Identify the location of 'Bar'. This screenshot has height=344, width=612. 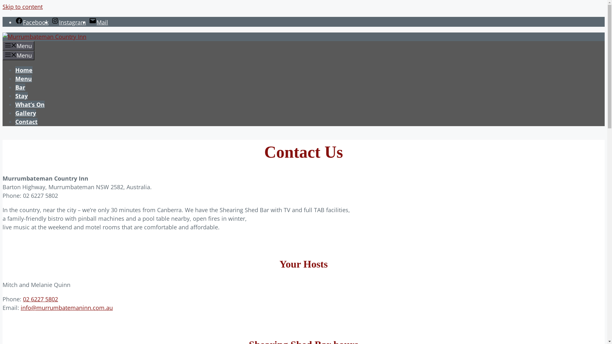
(20, 87).